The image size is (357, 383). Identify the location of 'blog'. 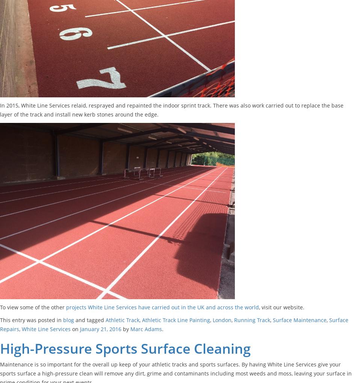
(68, 319).